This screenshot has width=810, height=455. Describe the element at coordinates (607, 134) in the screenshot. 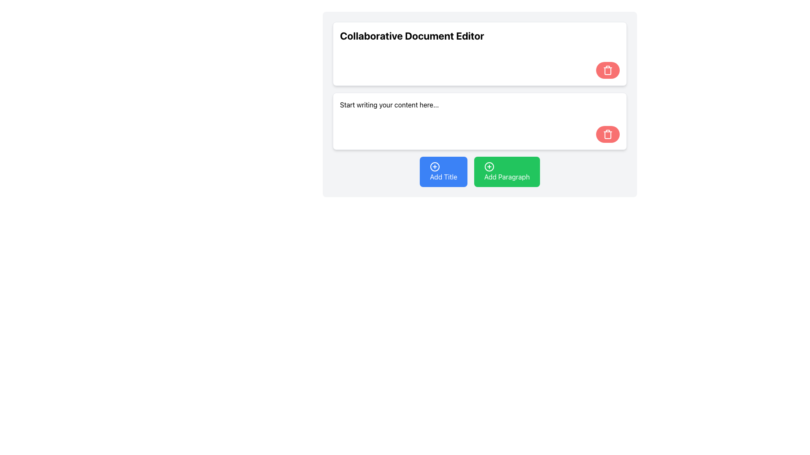

I see `the trash icon button located in the bottom text box area, aligned to the right inside a red circular button` at that location.